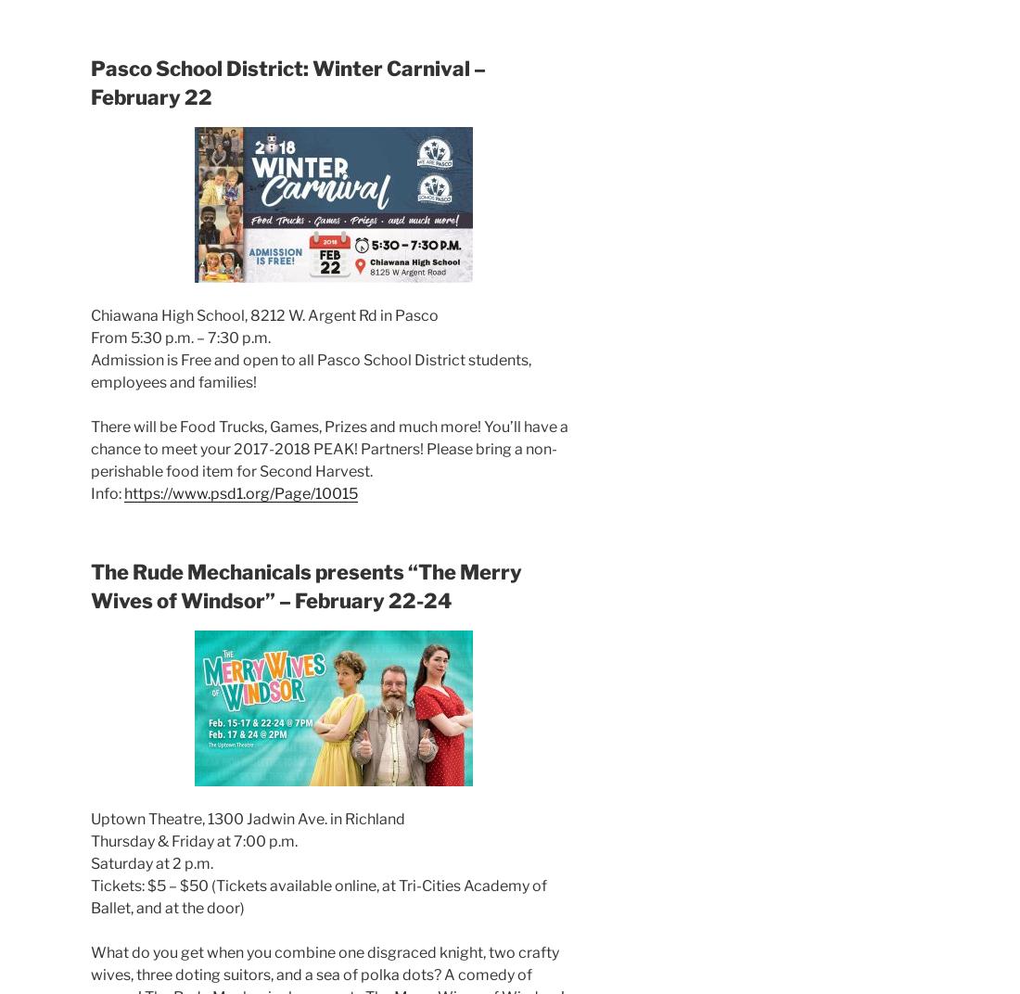  I want to click on 'There will be Food Trucks, Games, Prizes and much more! You’ll have a chance to meet your 2017-2018 PEAK! Partners! Please bring a non-perishable food item for Second Harvest.', so click(329, 448).